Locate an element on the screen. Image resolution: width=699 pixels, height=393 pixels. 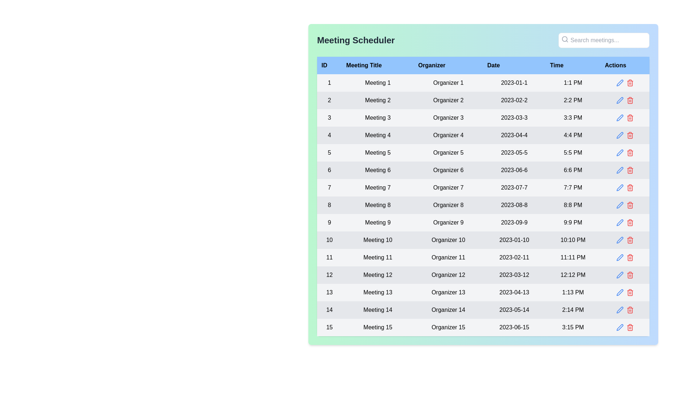
the grouped interactive icons in the action column of the 'Meeting 4' entry is located at coordinates (624, 135).